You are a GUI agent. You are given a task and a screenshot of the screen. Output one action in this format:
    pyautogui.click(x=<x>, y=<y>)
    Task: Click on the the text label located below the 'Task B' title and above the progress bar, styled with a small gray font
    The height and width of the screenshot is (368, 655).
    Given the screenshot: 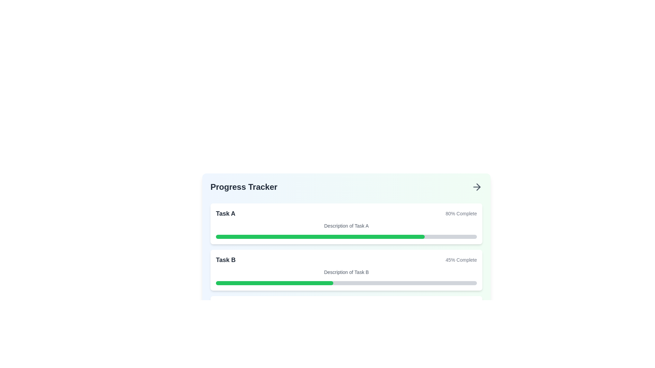 What is the action you would take?
    pyautogui.click(x=346, y=272)
    